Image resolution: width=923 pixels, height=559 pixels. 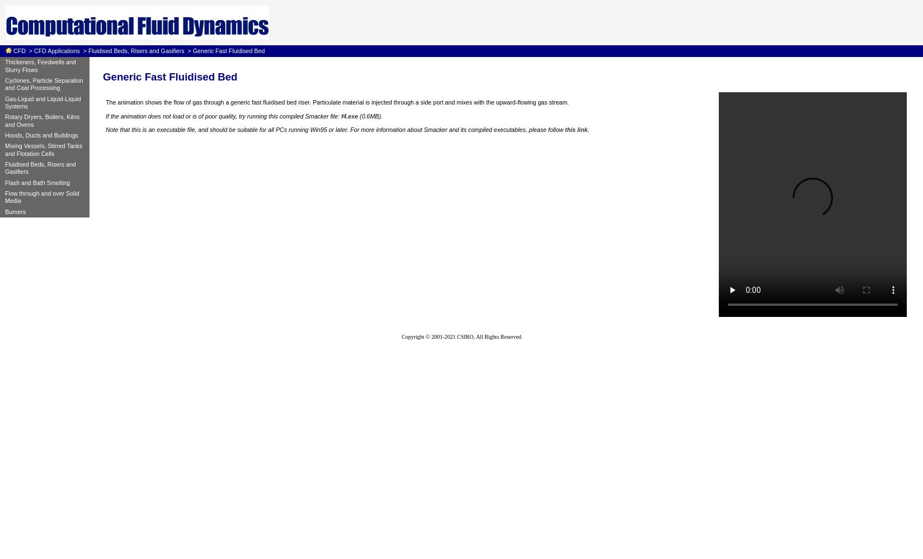 I want to click on 'f4.exe', so click(x=340, y=116).